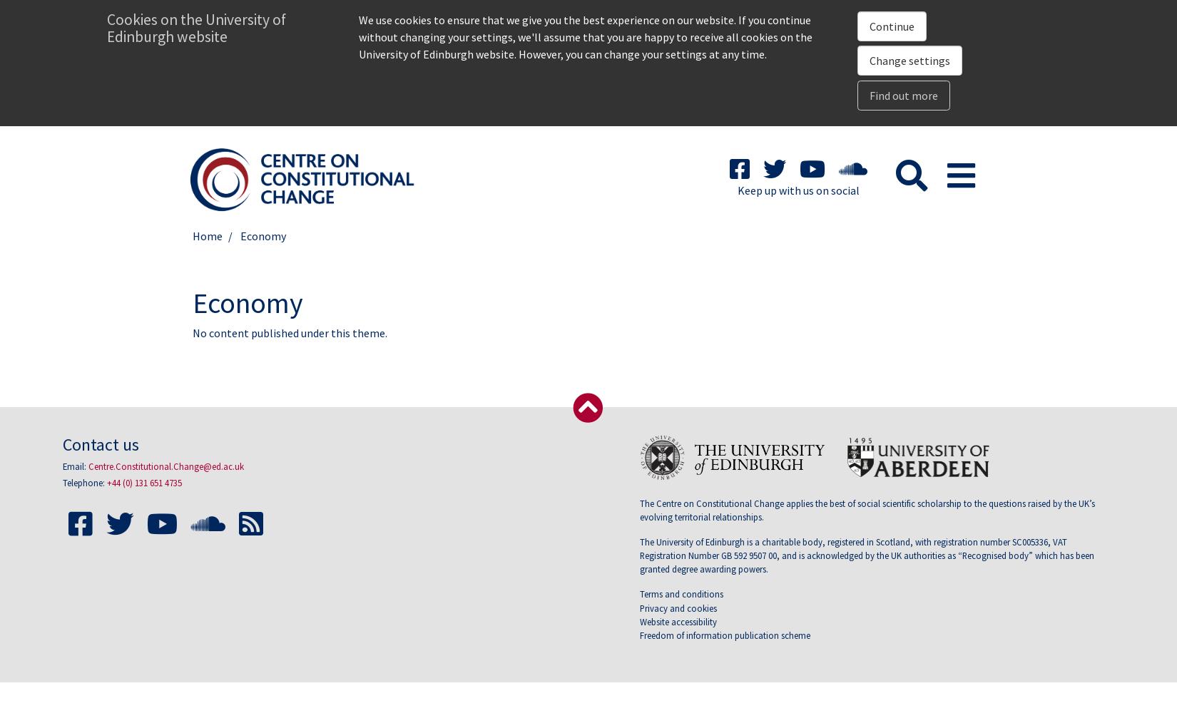 Image resolution: width=1177 pixels, height=713 pixels. I want to click on 'Website accessibility', so click(678, 620).